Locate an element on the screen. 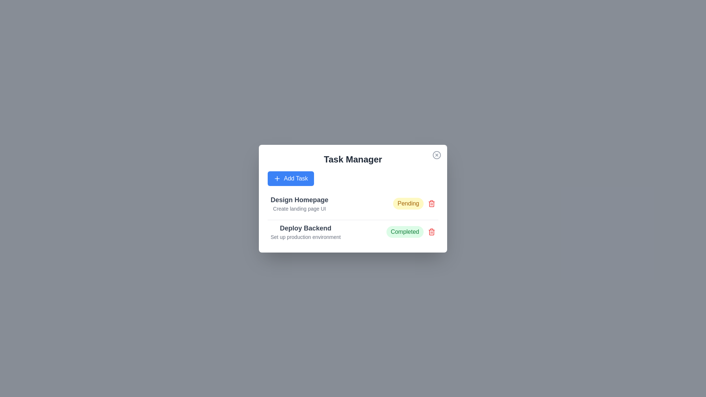  the Status Label that indicates the completion of the 'Deploy Backend' task in the 'Task Manager' modal is located at coordinates (404, 232).